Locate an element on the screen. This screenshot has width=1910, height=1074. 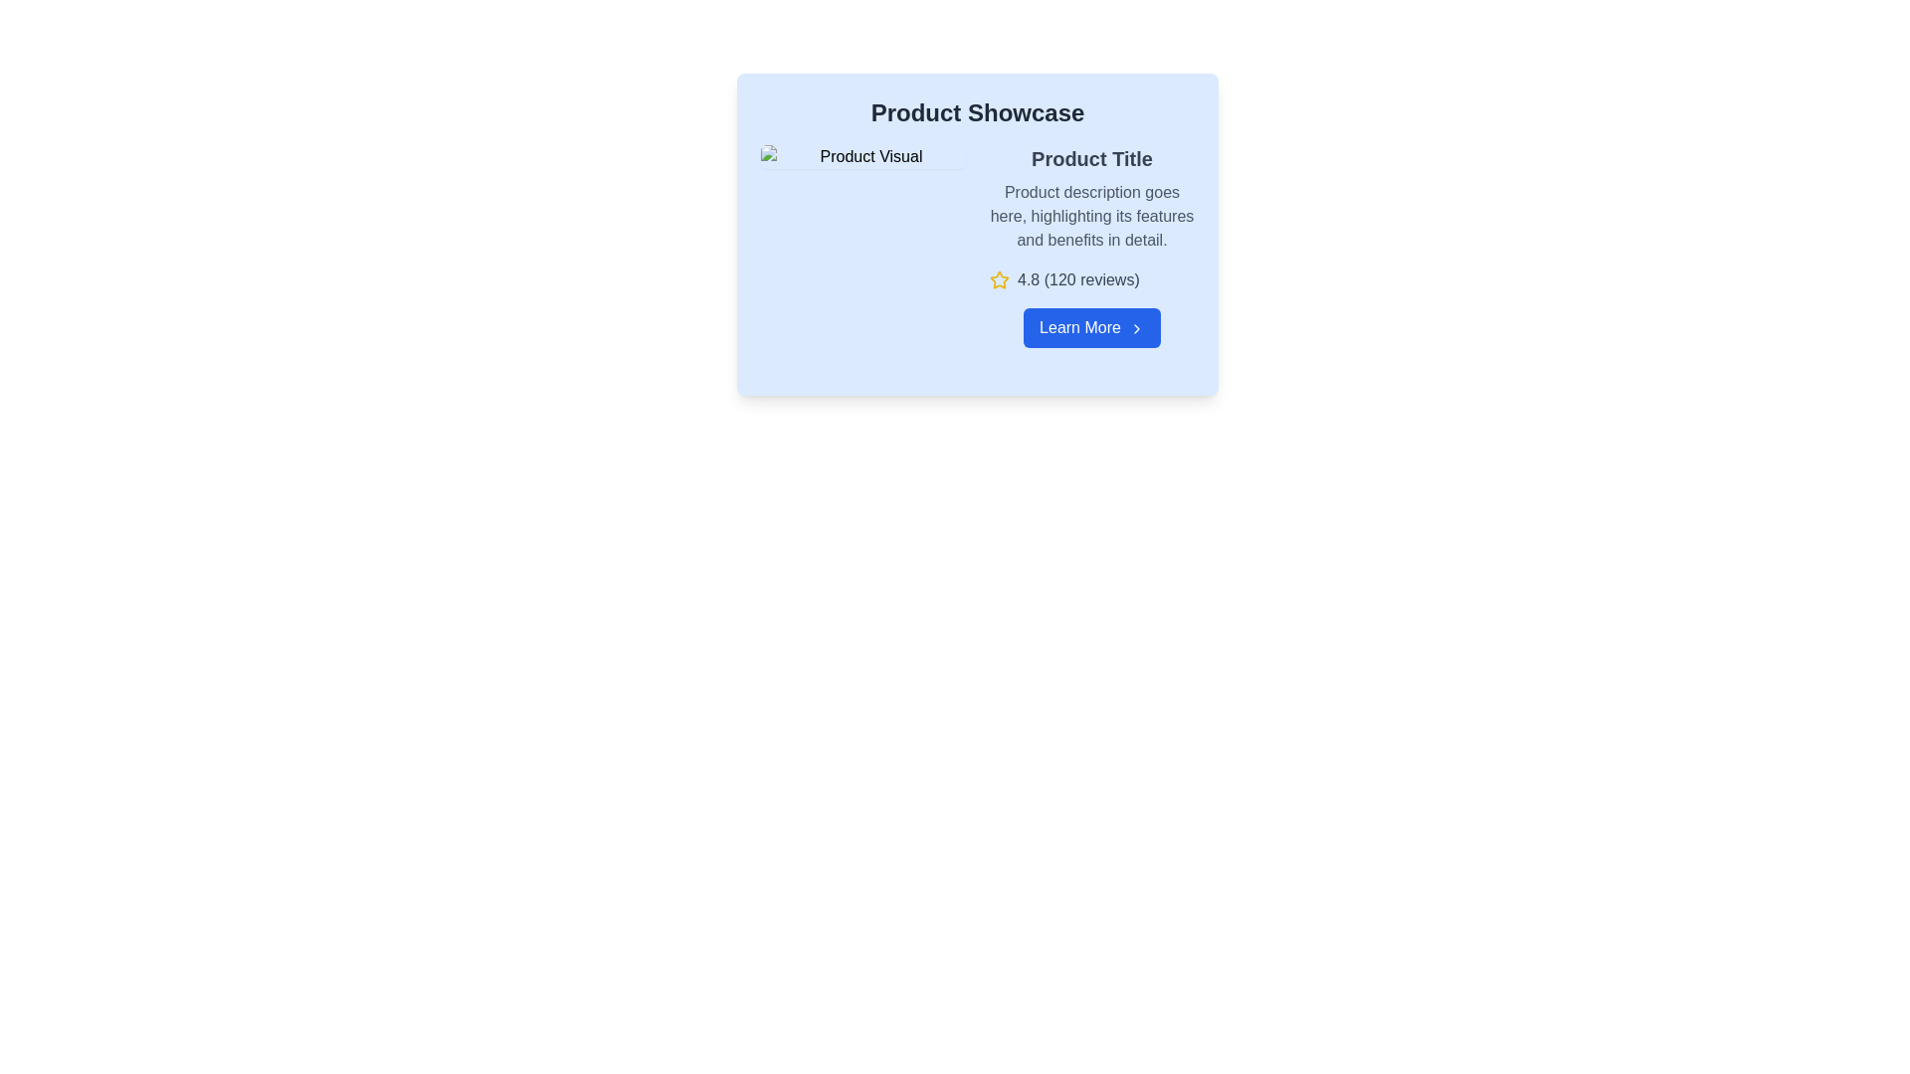
the star rating in the right-side section of the two-column grid is located at coordinates (978, 245).